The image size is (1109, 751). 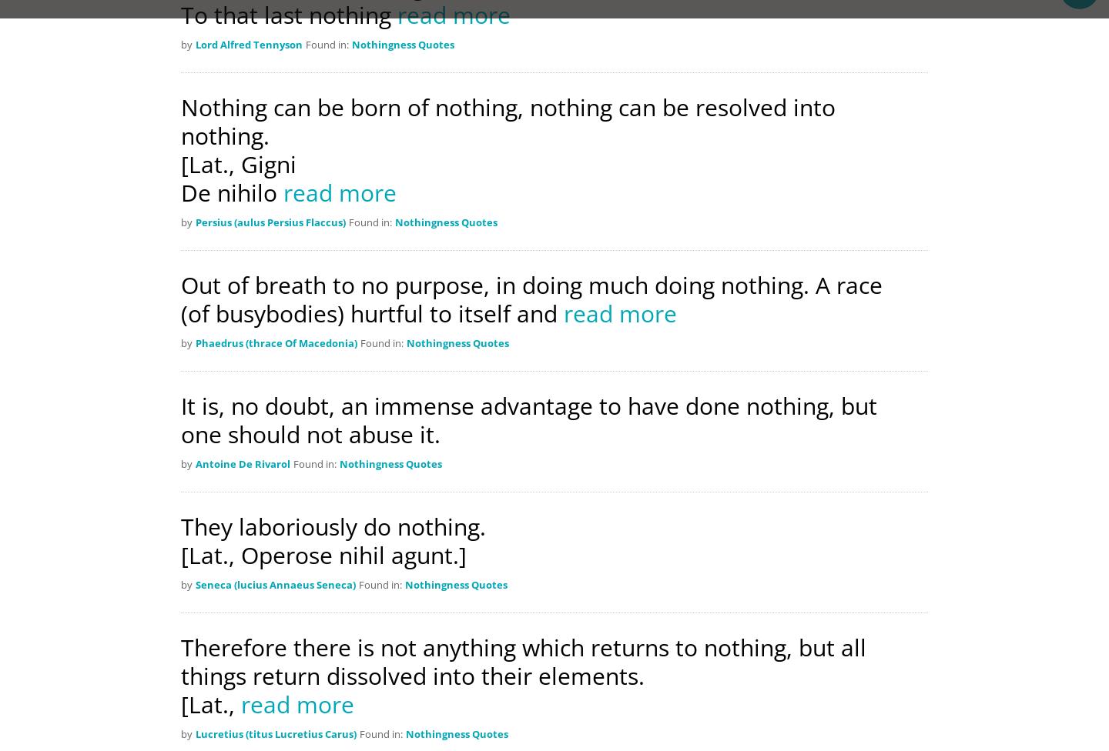 What do you see at coordinates (195, 733) in the screenshot?
I see `'Lucretius (titus Lucretius Carus)'` at bounding box center [195, 733].